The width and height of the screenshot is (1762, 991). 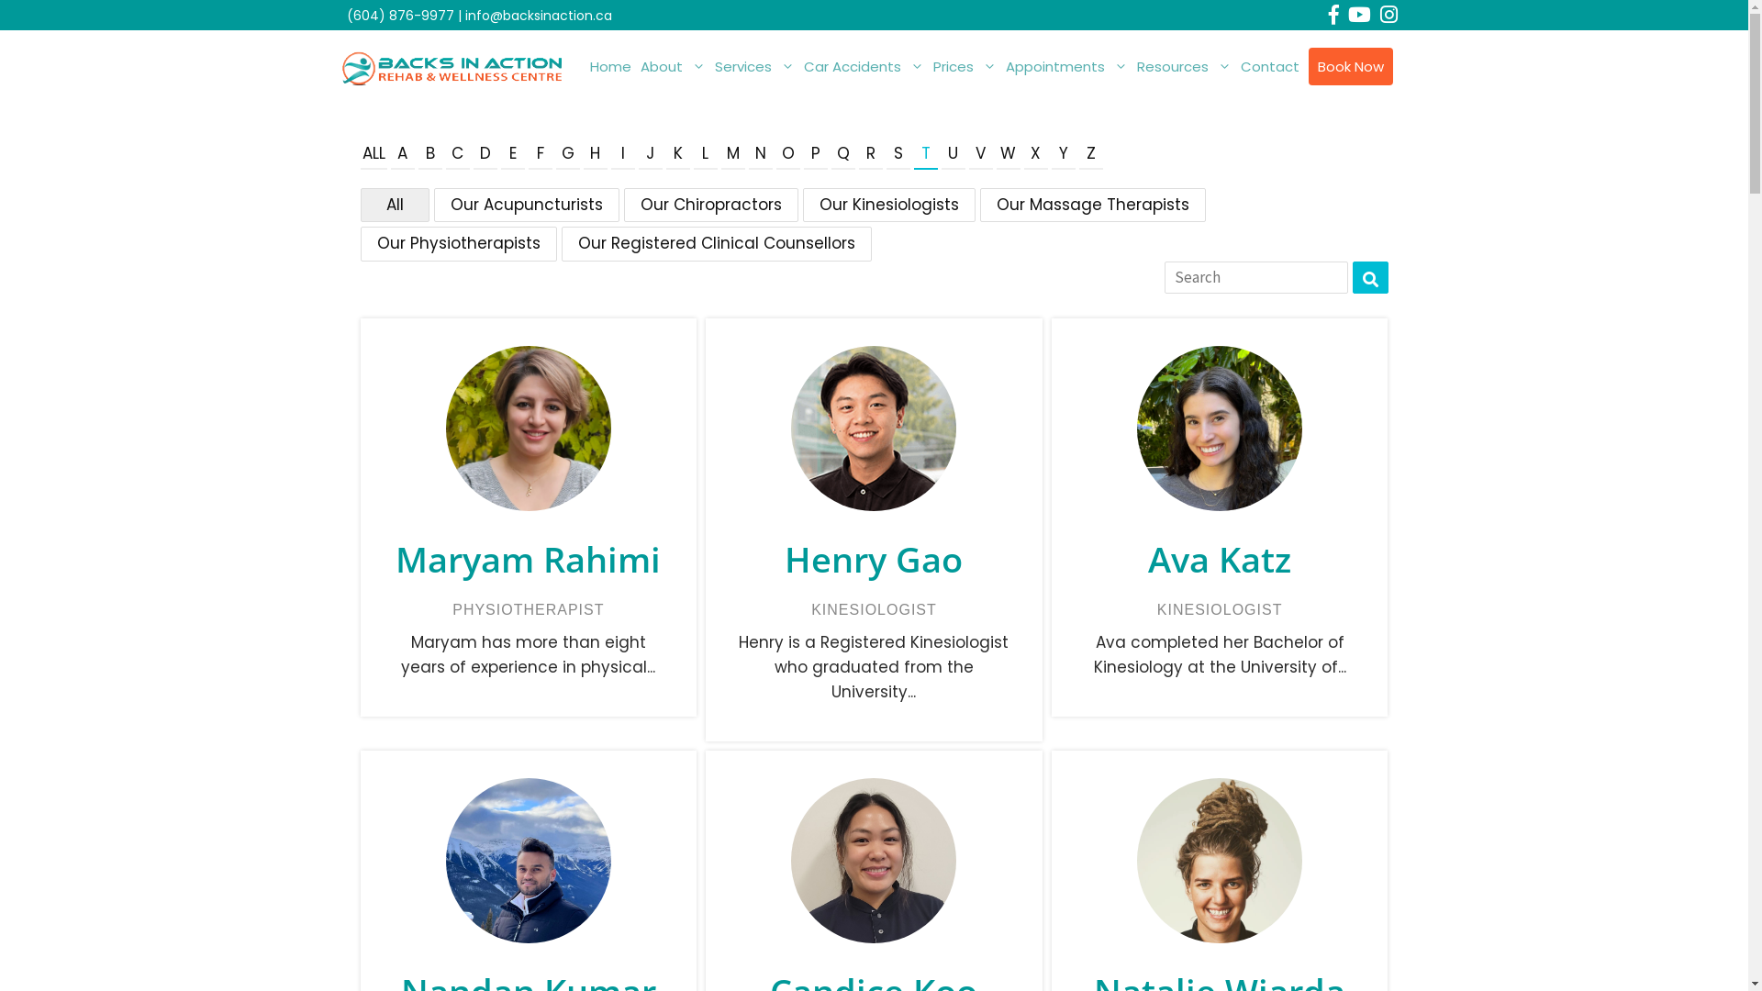 What do you see at coordinates (814, 154) in the screenshot?
I see `'P'` at bounding box center [814, 154].